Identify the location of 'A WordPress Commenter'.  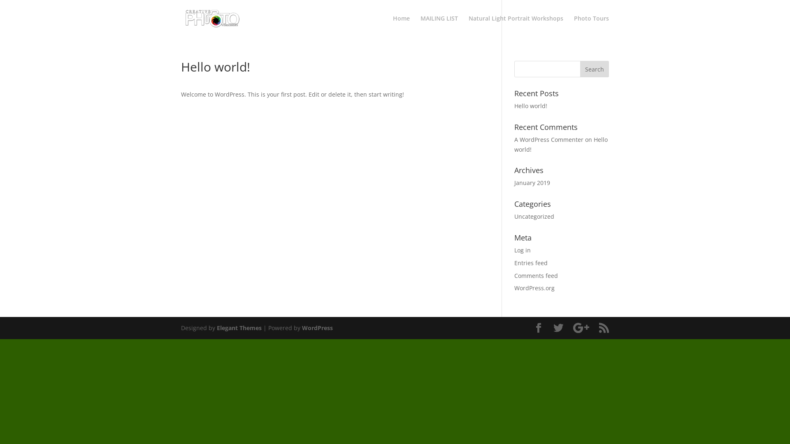
(549, 139).